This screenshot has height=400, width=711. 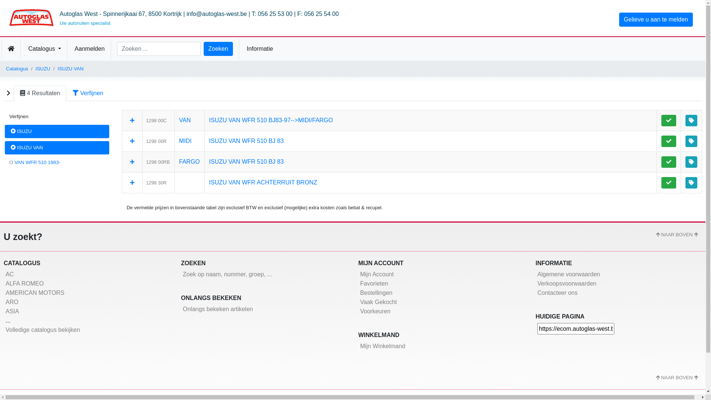 What do you see at coordinates (17, 69) in the screenshot?
I see `'Catalogus'` at bounding box center [17, 69].